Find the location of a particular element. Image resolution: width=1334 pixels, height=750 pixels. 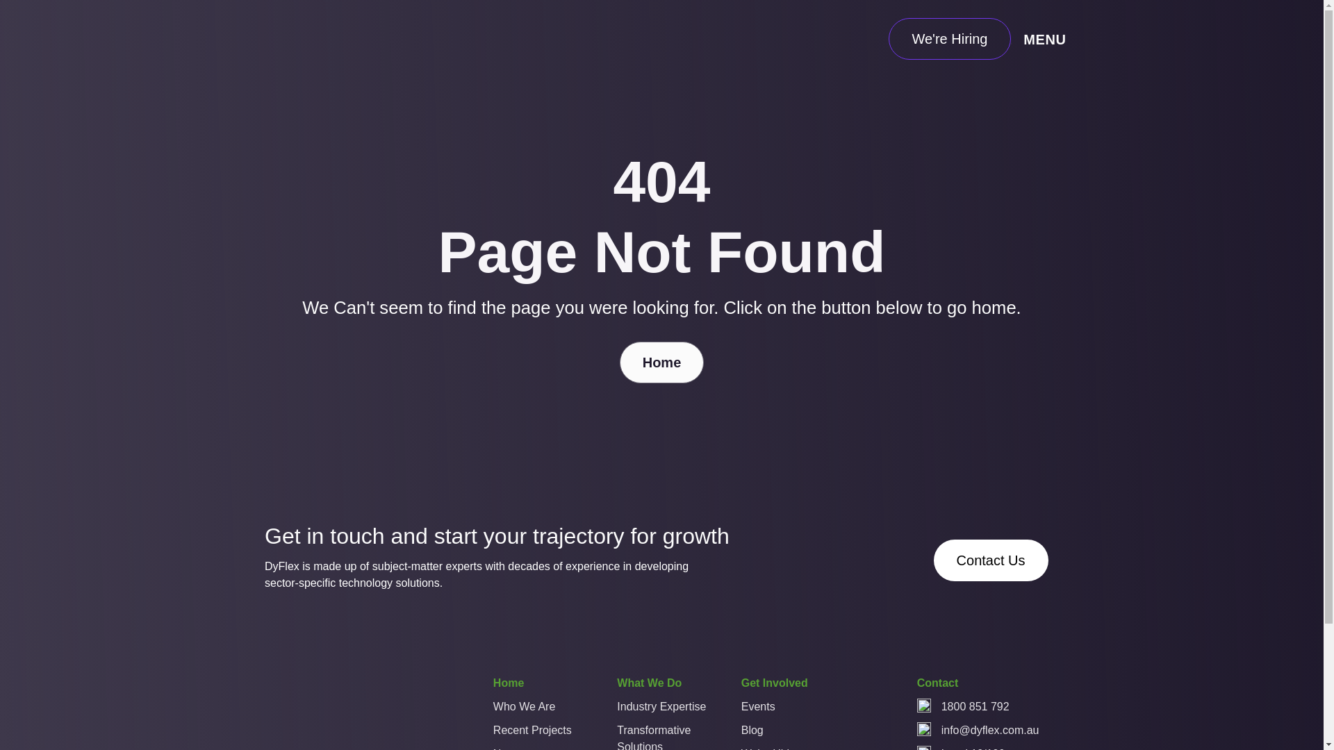

'Events' is located at coordinates (786, 710).